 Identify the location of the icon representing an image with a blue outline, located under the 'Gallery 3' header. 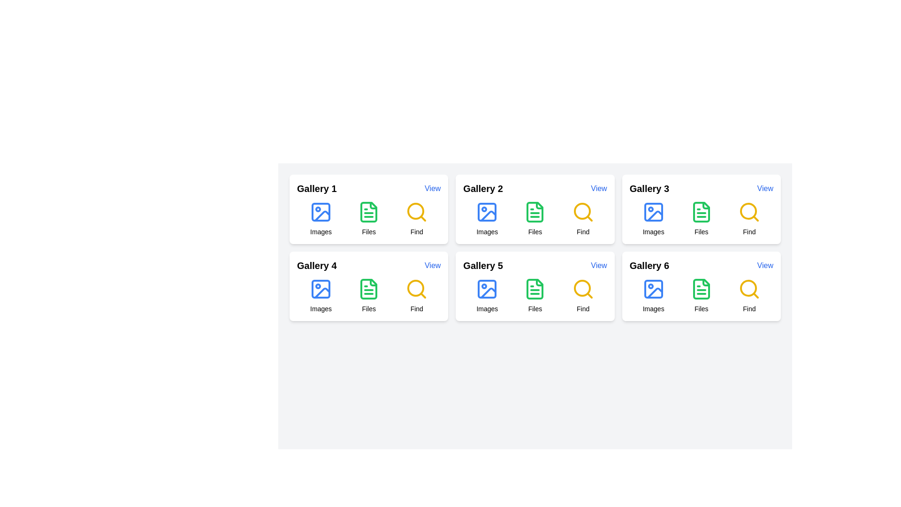
(653, 212).